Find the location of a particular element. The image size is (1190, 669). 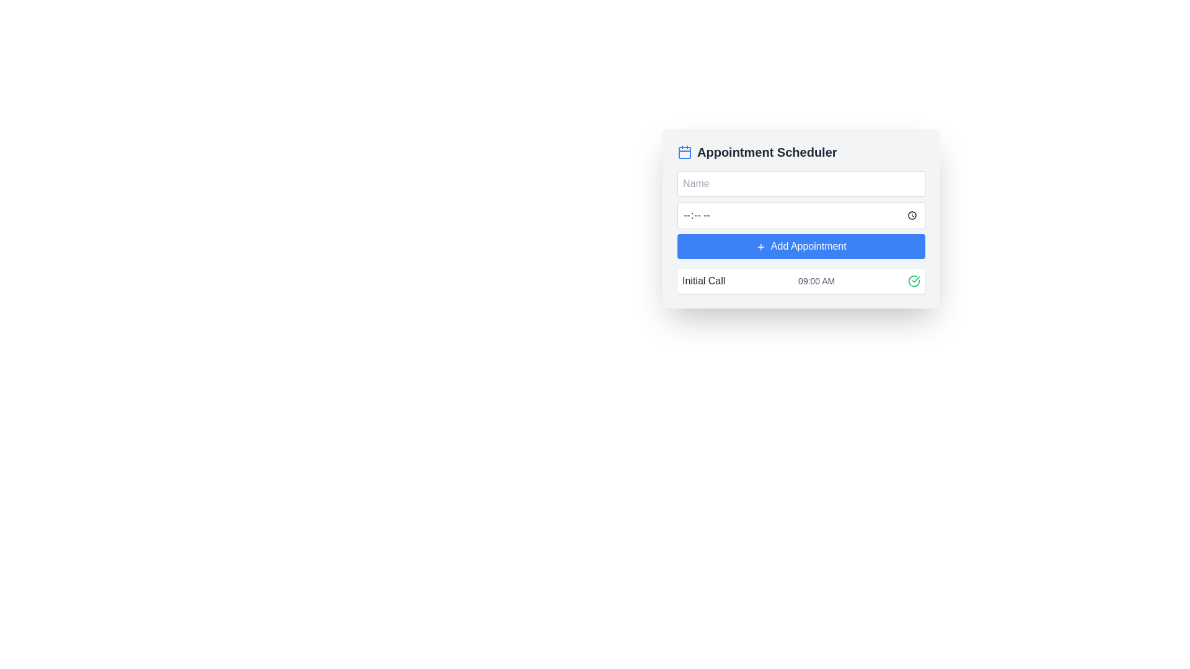

the 'Add Appointment' button by clicking on the leftmost icon that visually indicates the action of adding, which is adjacent to the text 'Add Appointment' is located at coordinates (760, 247).